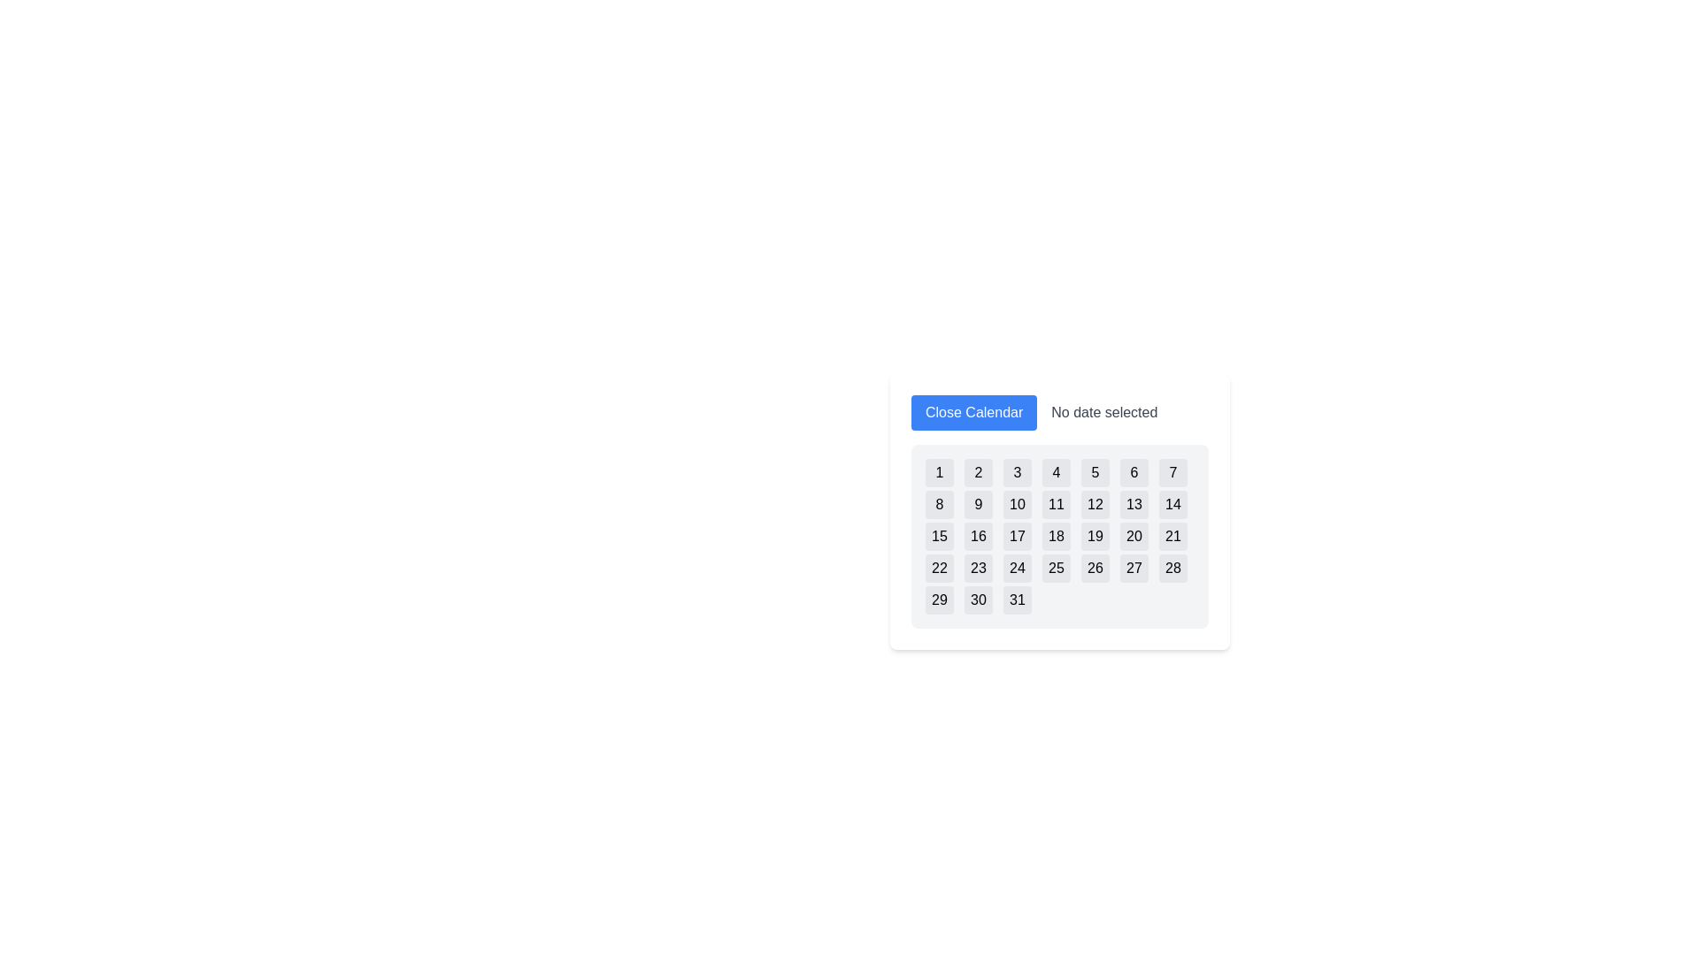 This screenshot has height=955, width=1699. Describe the element at coordinates (938, 504) in the screenshot. I see `the square button with rounded corners, styled in light gray containing the number '8' in bold black text` at that location.